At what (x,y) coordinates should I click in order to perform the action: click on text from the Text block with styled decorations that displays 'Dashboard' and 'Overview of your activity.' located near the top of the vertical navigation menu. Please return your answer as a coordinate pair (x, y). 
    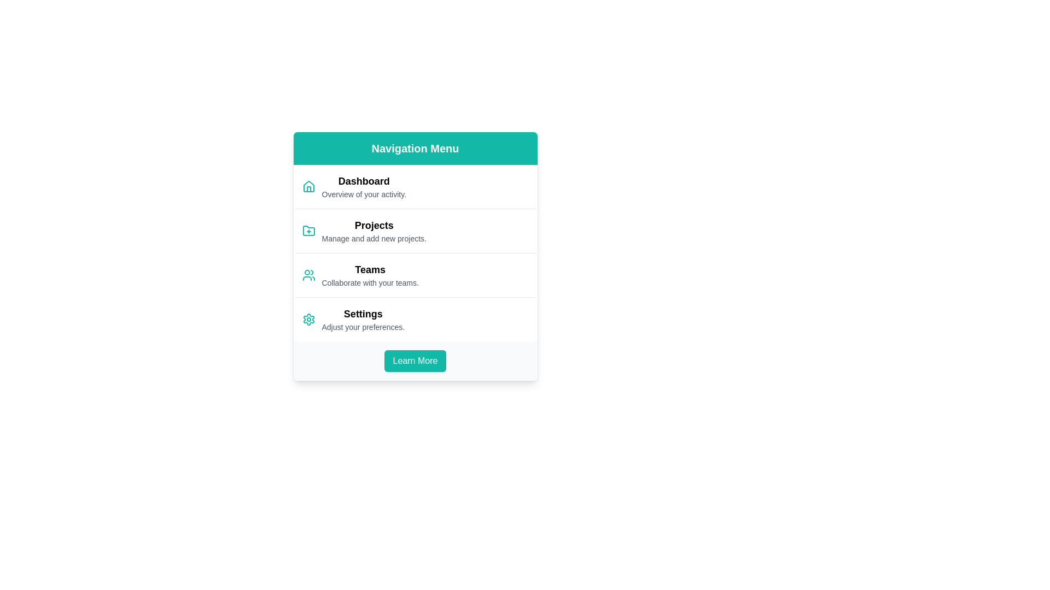
    Looking at the image, I should click on (364, 186).